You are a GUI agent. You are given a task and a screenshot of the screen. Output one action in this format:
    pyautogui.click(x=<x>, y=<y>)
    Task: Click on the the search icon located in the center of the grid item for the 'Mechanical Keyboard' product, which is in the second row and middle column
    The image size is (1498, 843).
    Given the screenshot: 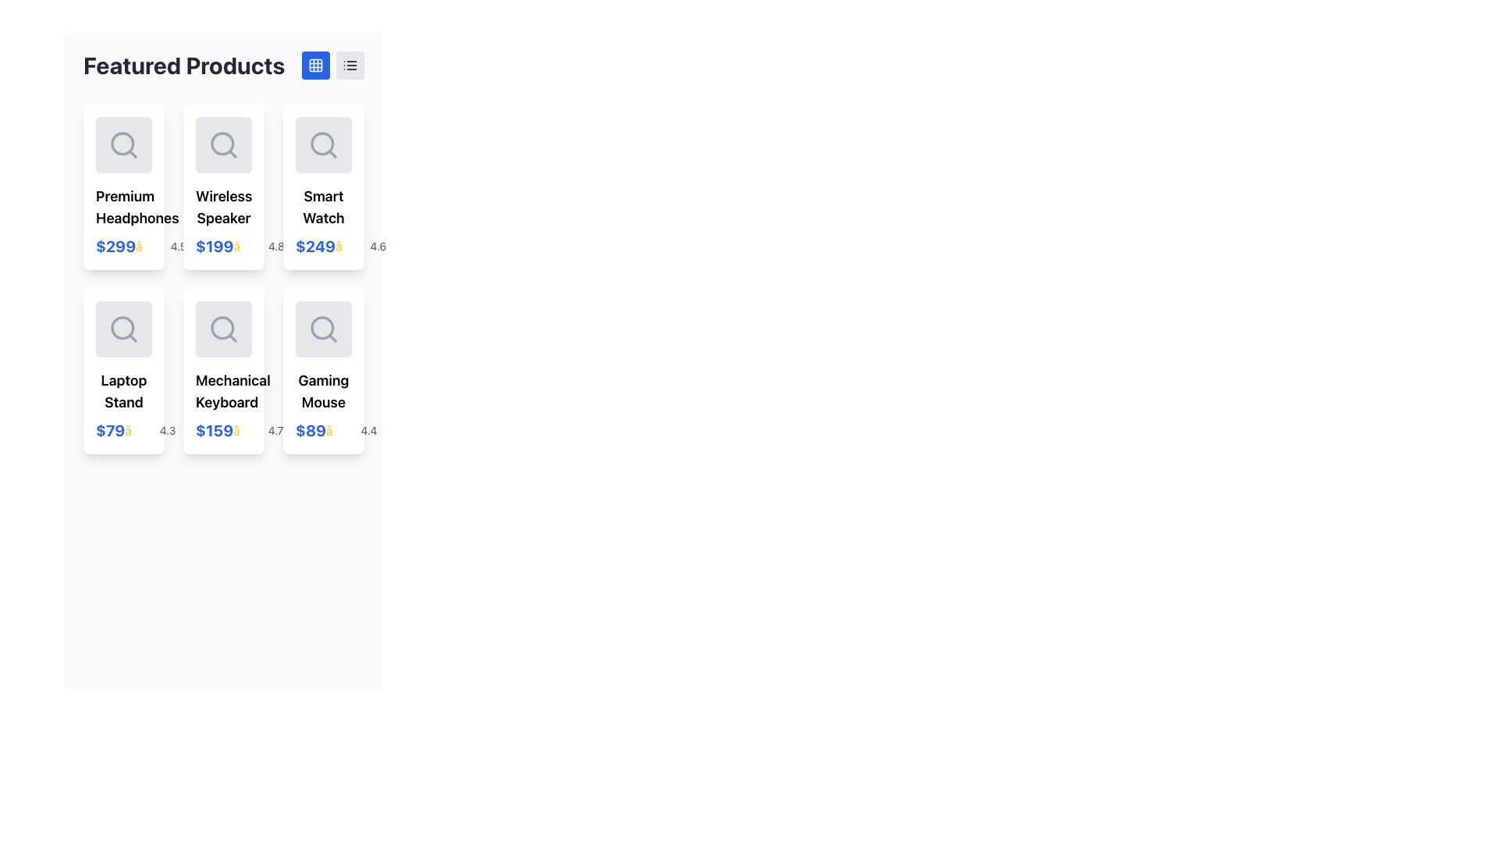 What is the action you would take?
    pyautogui.click(x=223, y=328)
    